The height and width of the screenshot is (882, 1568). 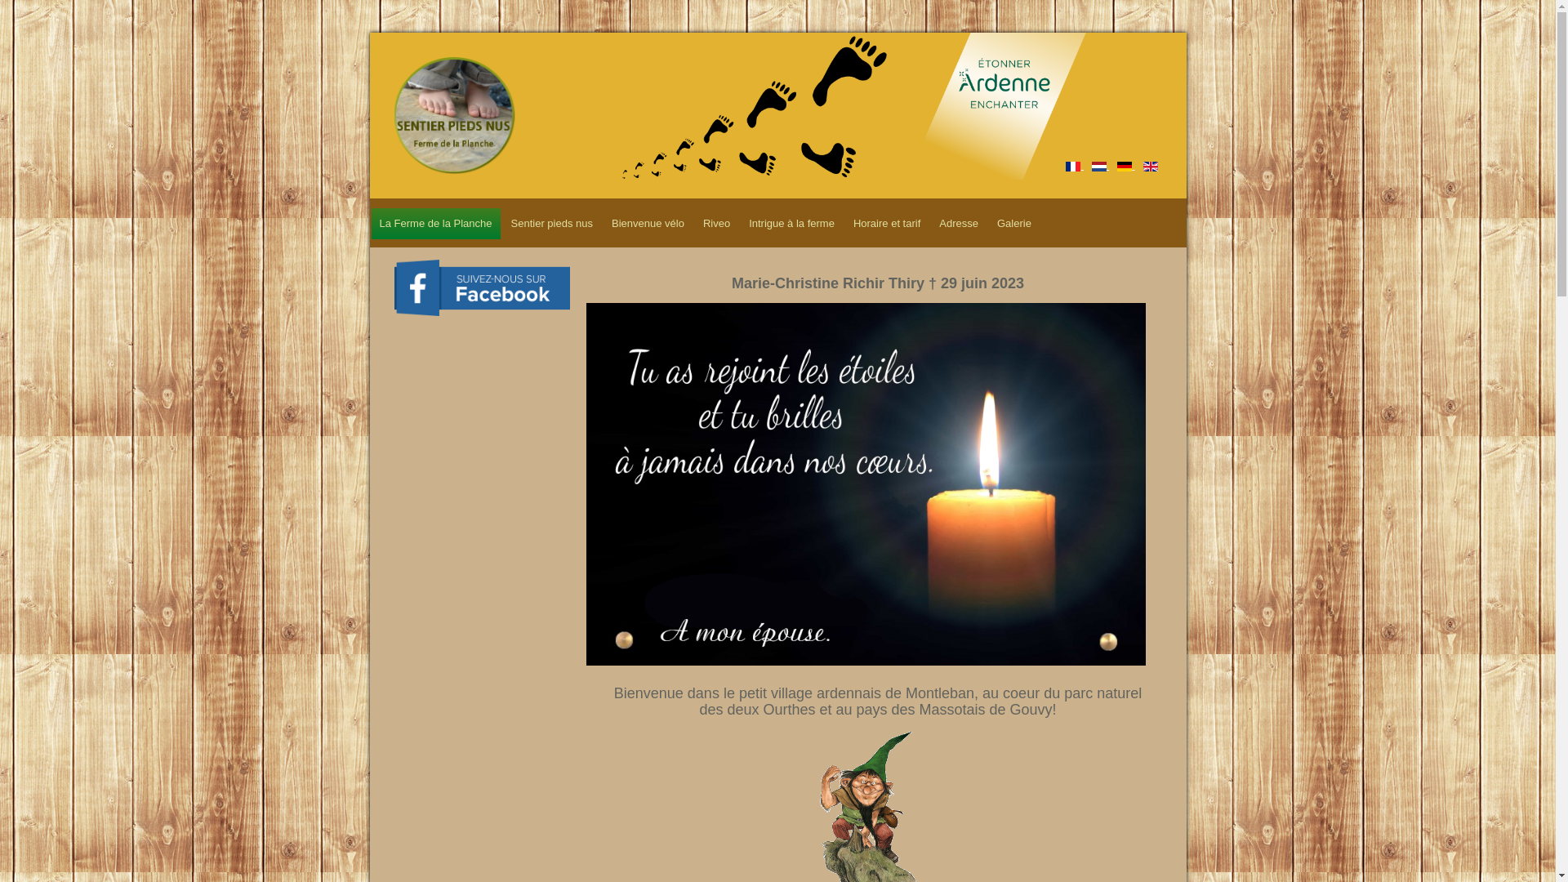 What do you see at coordinates (959, 223) in the screenshot?
I see `'Adresse'` at bounding box center [959, 223].